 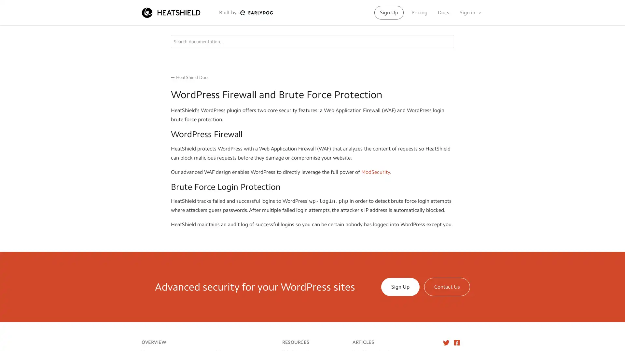 I want to click on Sign in, so click(x=470, y=12).